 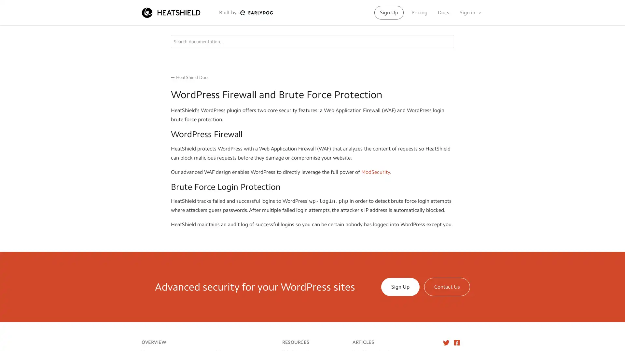 I want to click on Sign in, so click(x=470, y=12).